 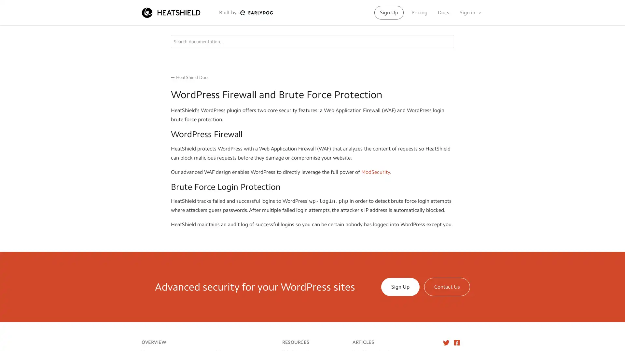 I want to click on Sign in, so click(x=470, y=12).